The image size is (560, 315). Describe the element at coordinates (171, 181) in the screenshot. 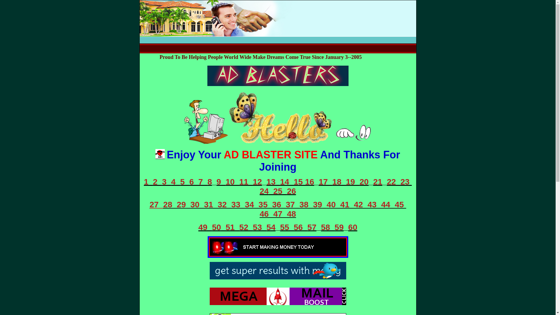

I see `'4 '` at that location.